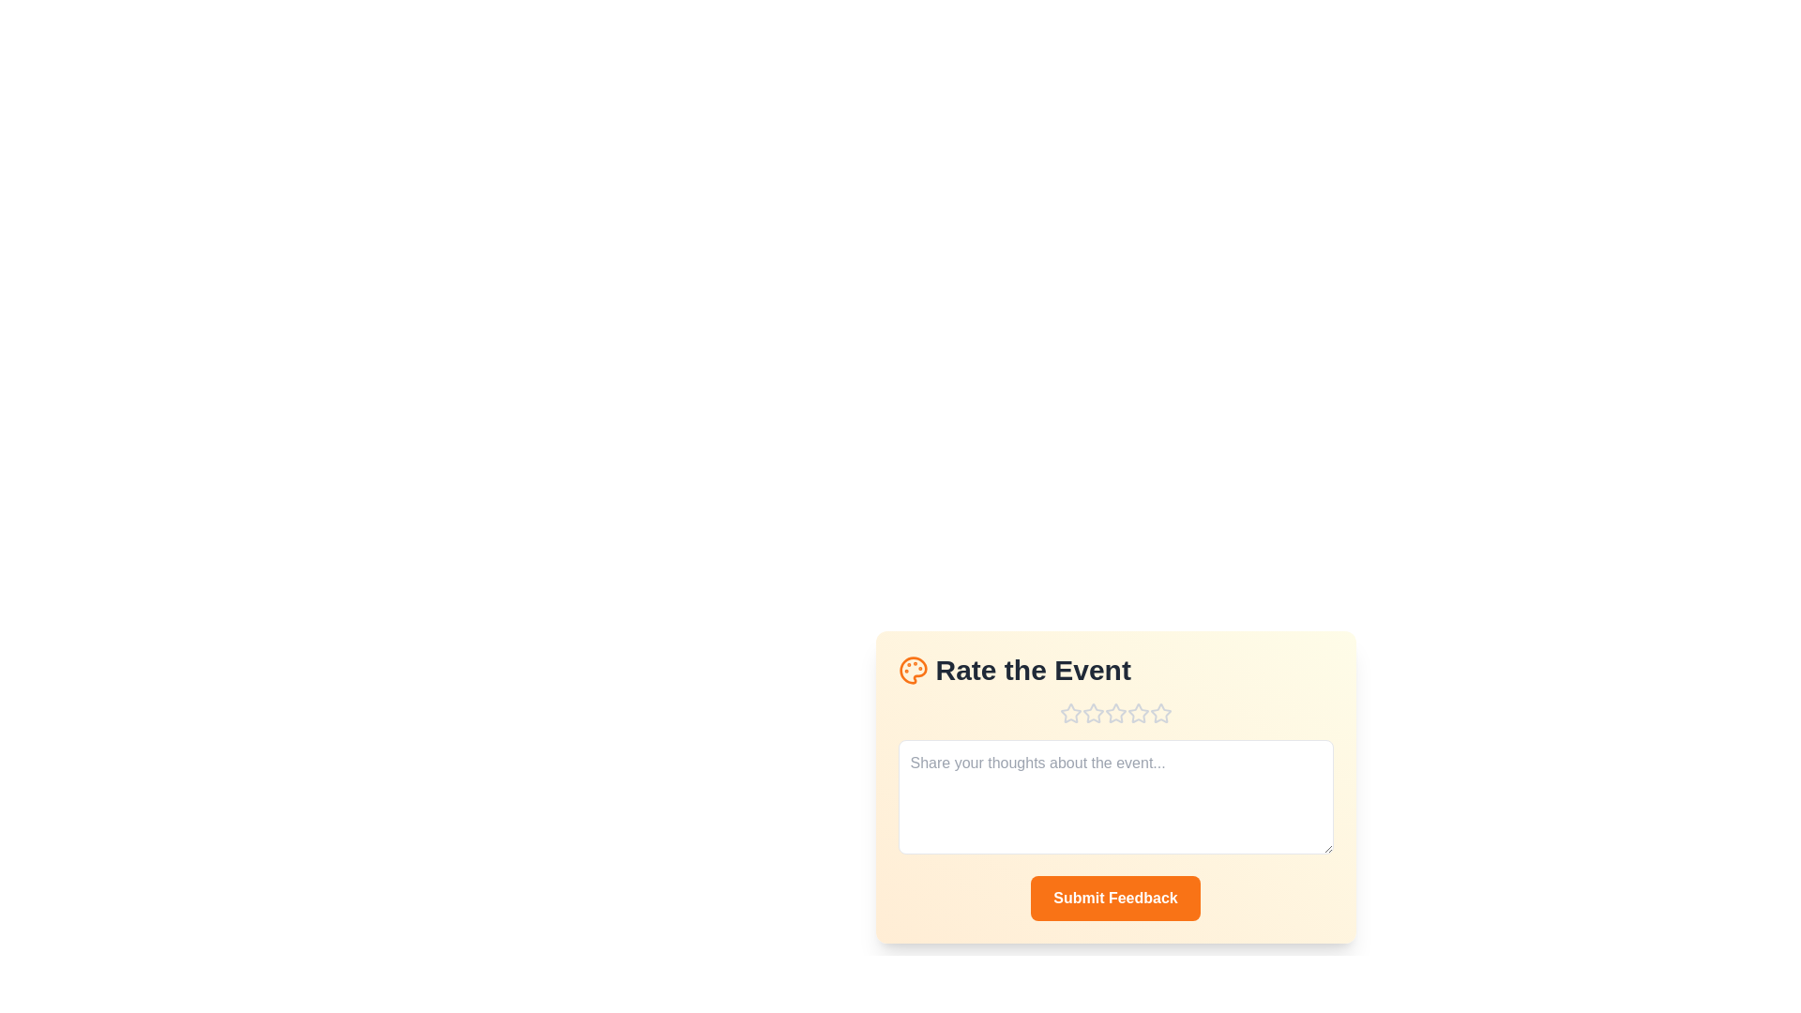 This screenshot has width=1801, height=1013. What do you see at coordinates (1070, 713) in the screenshot?
I see `the star corresponding to the desired rating 1 to set the rating` at bounding box center [1070, 713].